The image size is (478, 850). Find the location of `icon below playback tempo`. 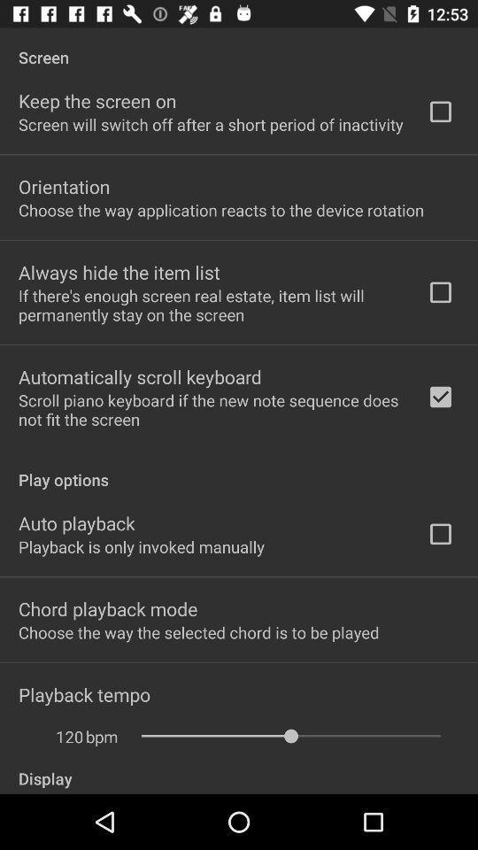

icon below playback tempo is located at coordinates (59, 737).